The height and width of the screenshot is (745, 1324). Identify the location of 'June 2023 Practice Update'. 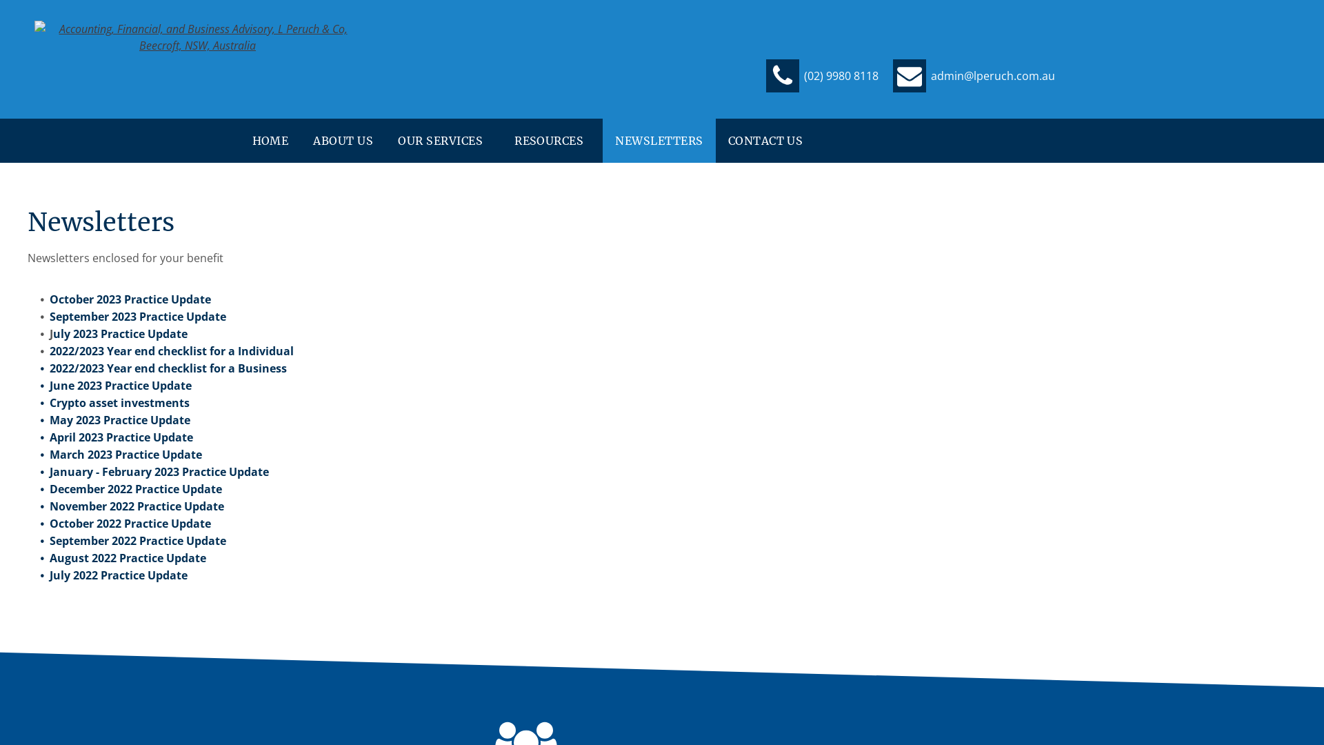
(120, 386).